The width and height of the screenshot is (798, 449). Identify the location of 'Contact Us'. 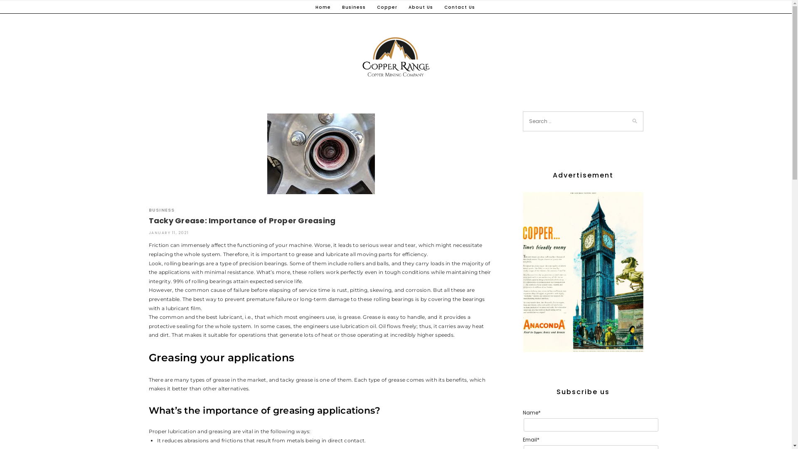
(443, 7).